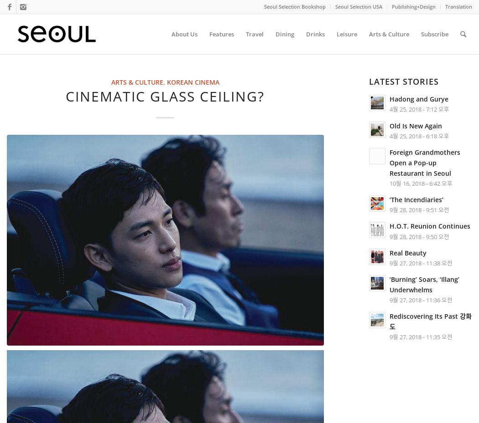  What do you see at coordinates (403, 82) in the screenshot?
I see `'Latest Stories'` at bounding box center [403, 82].